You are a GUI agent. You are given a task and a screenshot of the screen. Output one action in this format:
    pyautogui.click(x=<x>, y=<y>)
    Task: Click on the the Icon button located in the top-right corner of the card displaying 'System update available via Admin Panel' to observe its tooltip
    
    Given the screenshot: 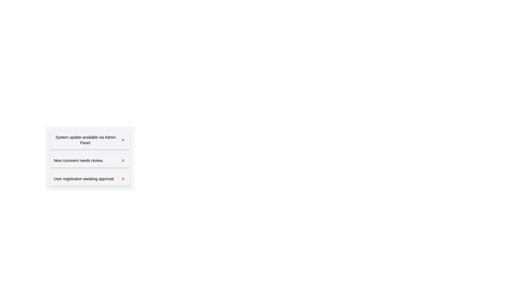 What is the action you would take?
    pyautogui.click(x=123, y=140)
    